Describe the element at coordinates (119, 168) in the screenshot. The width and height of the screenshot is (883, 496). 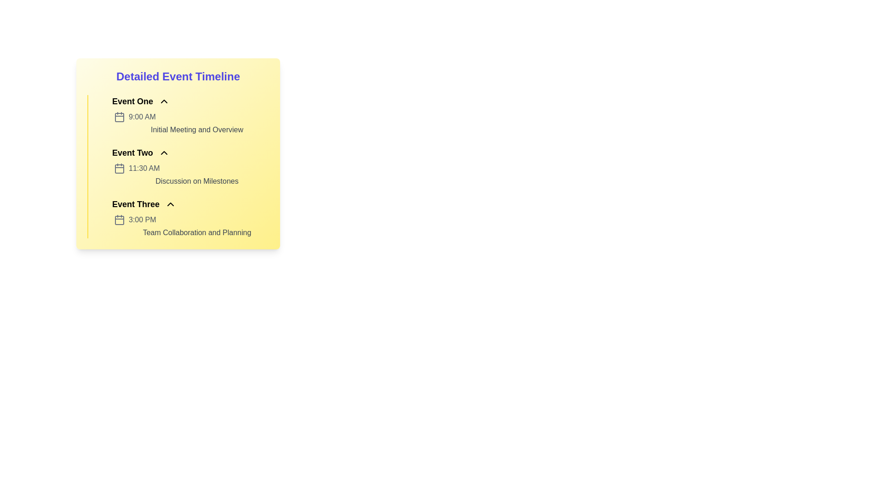
I see `the calendar icon, which features a gray square outline with rounded corners, two vertical lines at the top, and a grid-like interior, positioned to the left of the time text for 'Event Two' at 11:30 AM` at that location.